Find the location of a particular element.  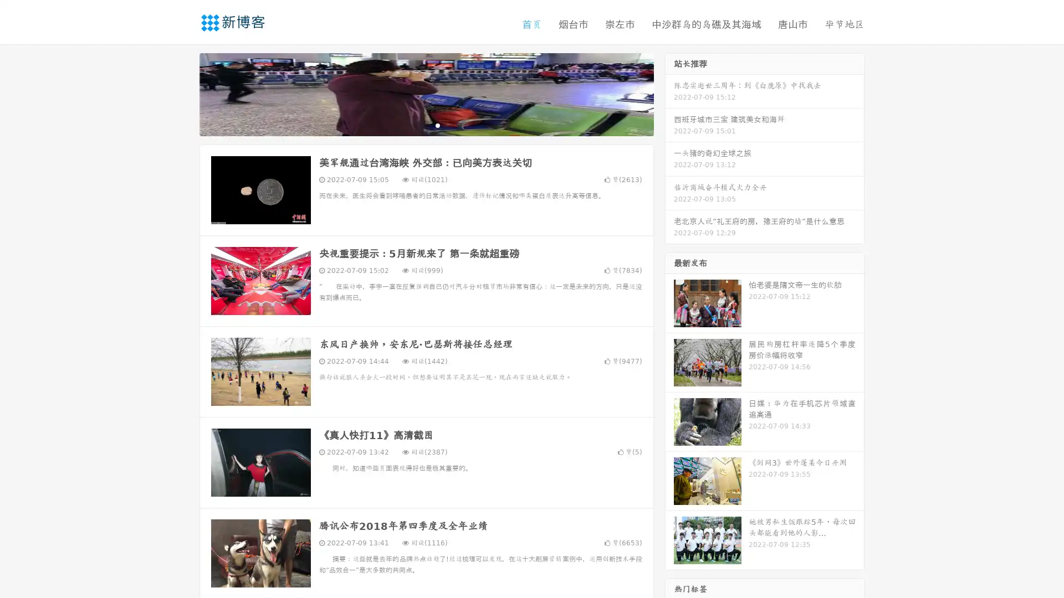

Previous slide is located at coordinates (183, 93).